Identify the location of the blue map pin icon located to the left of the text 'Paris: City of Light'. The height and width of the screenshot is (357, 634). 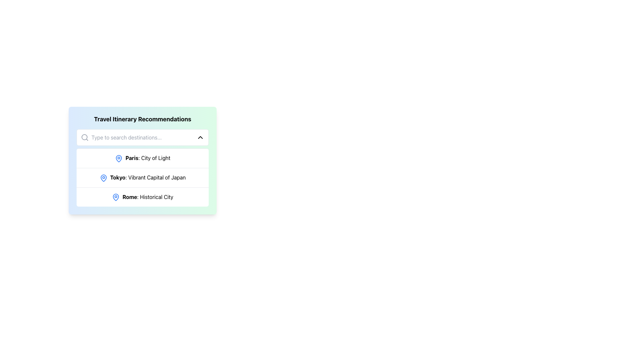
(119, 158).